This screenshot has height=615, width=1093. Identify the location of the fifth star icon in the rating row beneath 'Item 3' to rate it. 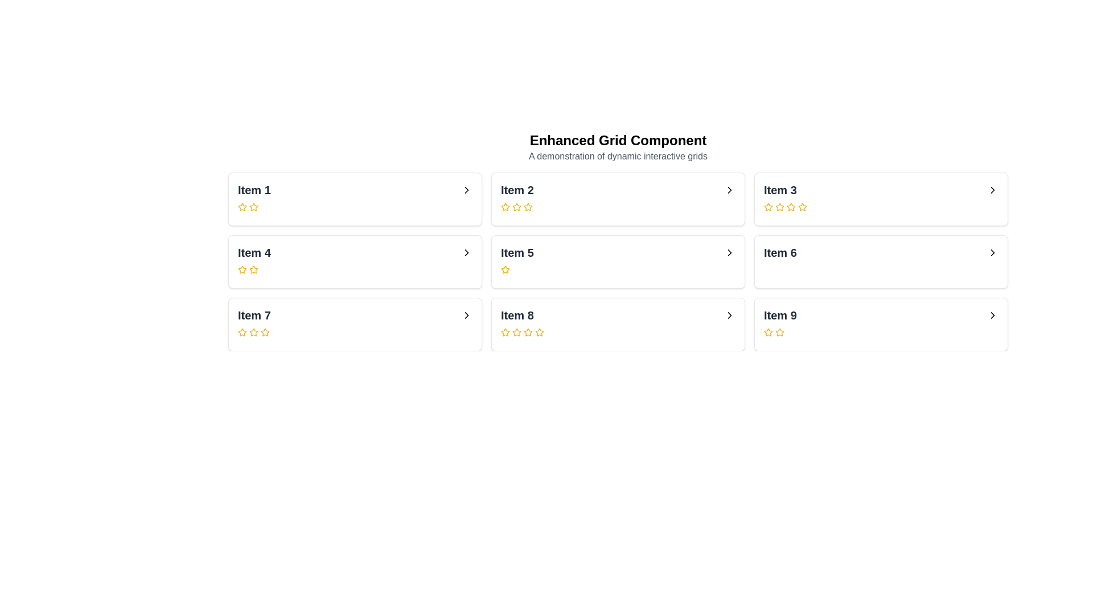
(802, 207).